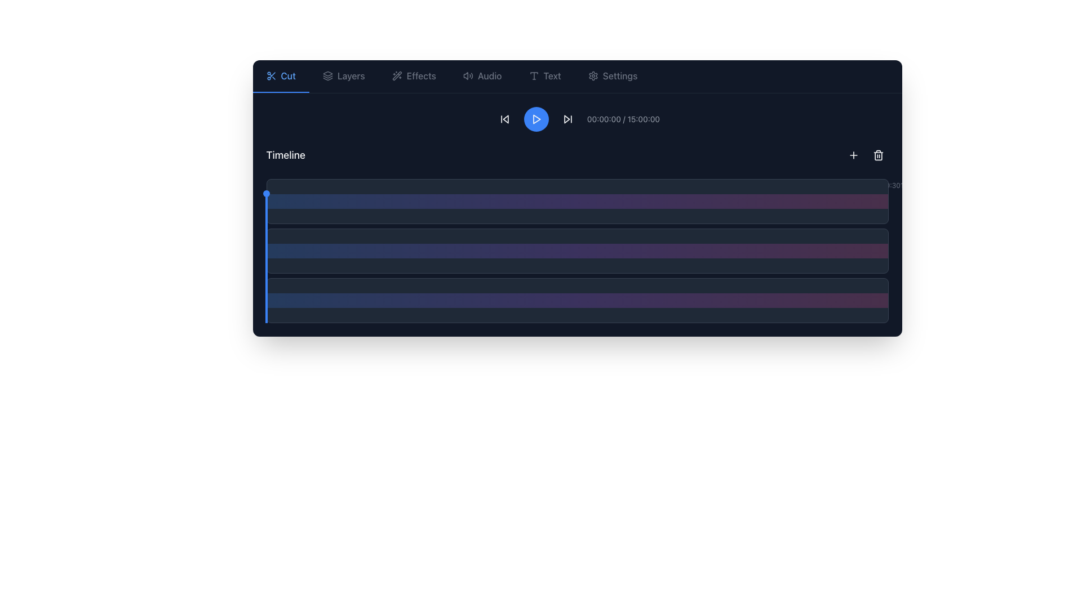 The image size is (1082, 608). I want to click on the 41st time marker on the rightmost end of the timeline, which aids in identifying a precise point in time, so click(857, 185).